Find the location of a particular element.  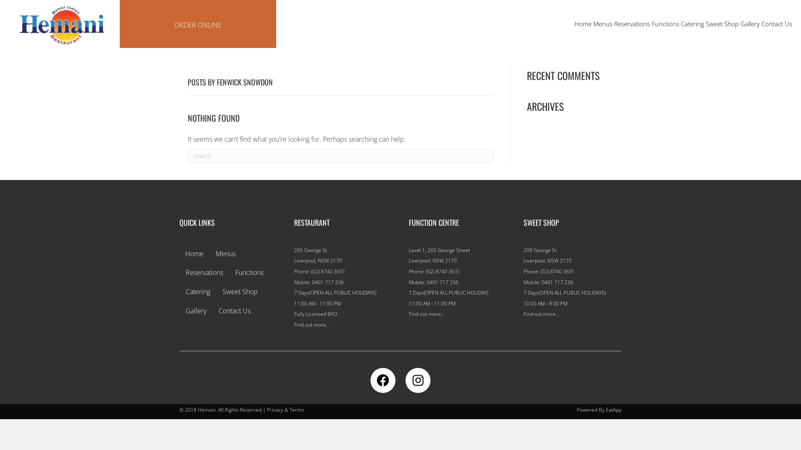

'logo-100px' is located at coordinates (61, 25).